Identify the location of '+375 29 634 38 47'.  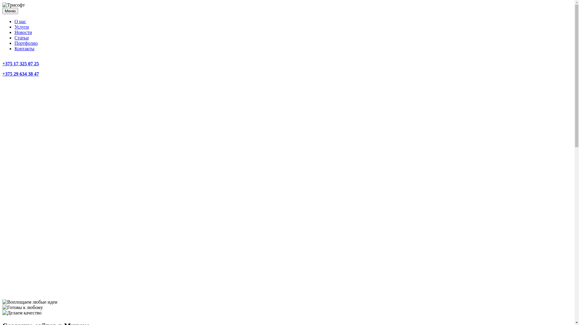
(21, 73).